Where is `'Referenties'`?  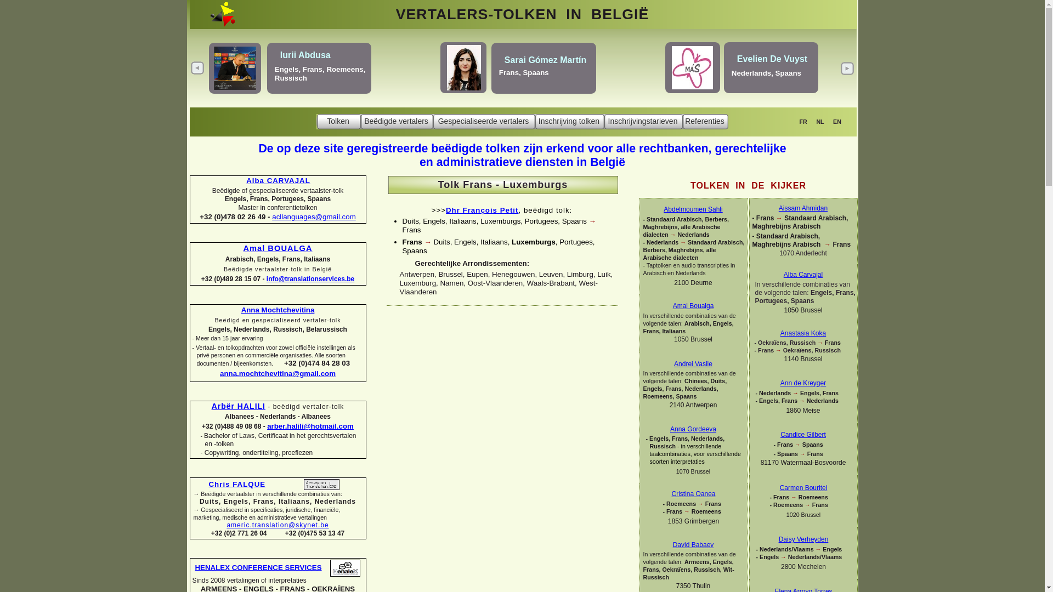 'Referenties' is located at coordinates (705, 122).